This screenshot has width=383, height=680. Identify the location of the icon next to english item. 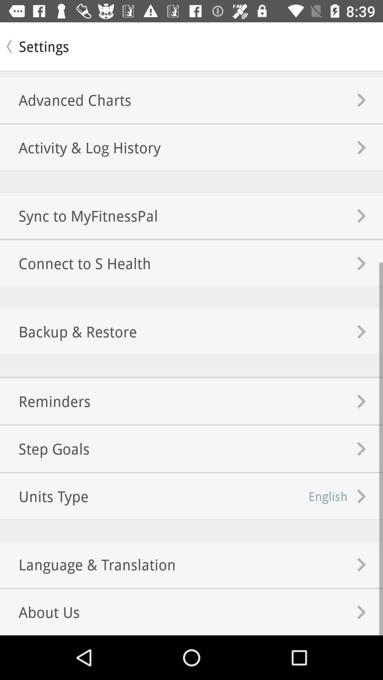
(45, 448).